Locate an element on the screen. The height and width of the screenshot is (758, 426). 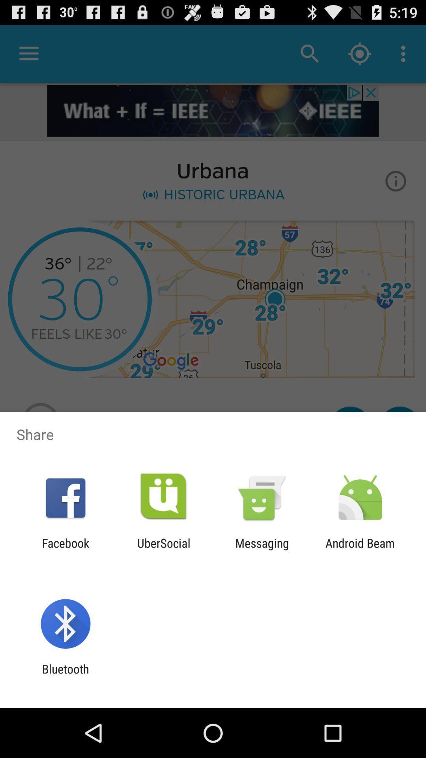
item to the left of the ubersocial icon is located at coordinates (65, 550).